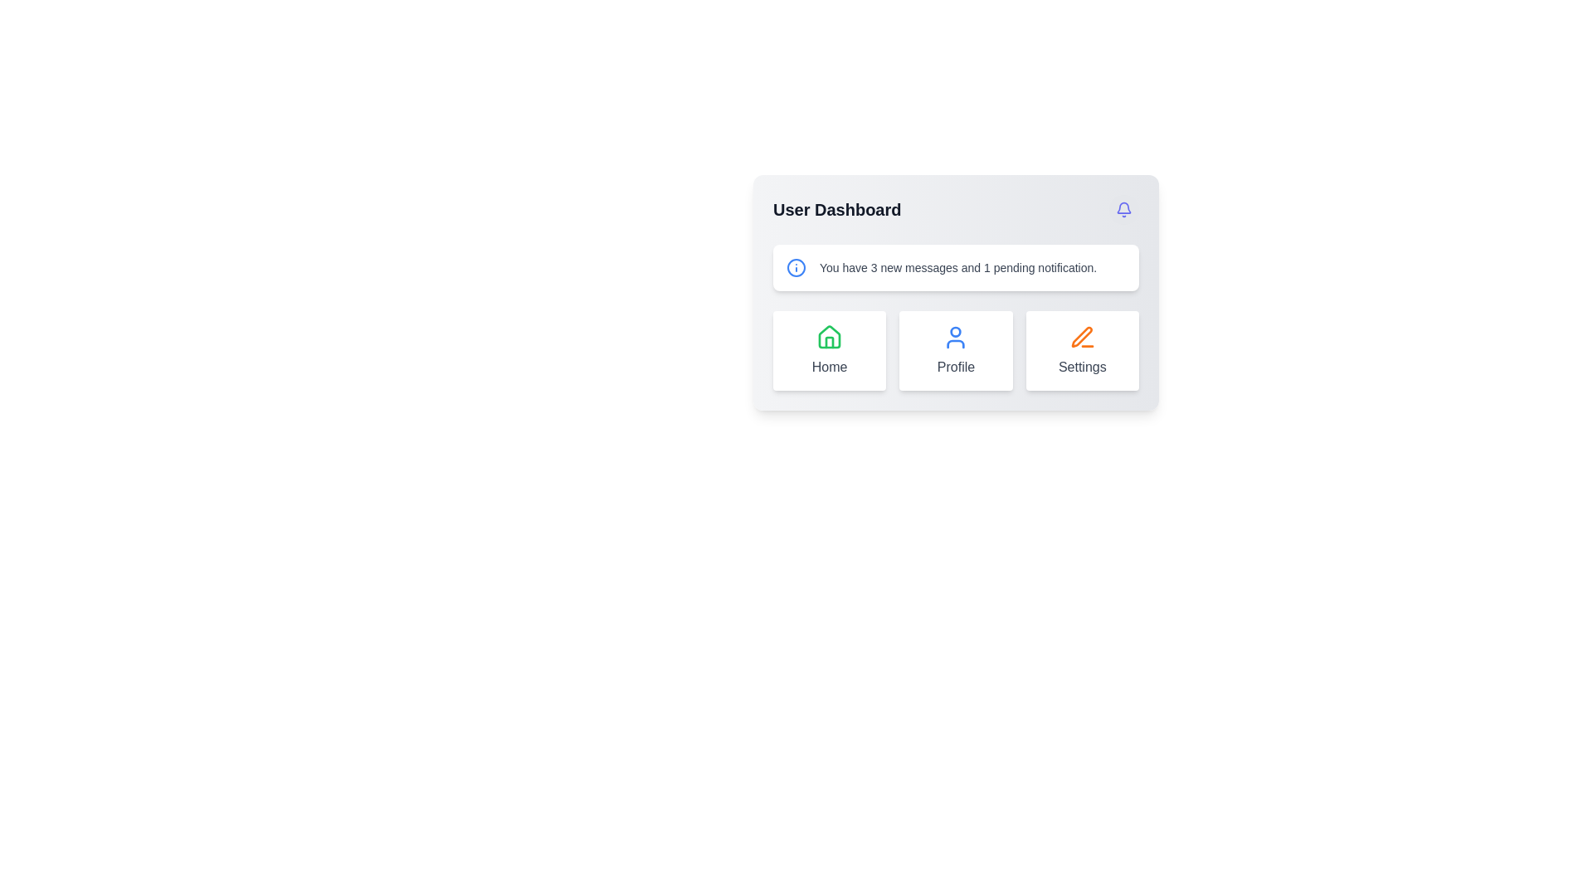  I want to click on the bell-shaped icon with a hollow outline and blue-indigo color tint located in the upper-right corner of the 'User Dashboard' card, so click(1123, 207).